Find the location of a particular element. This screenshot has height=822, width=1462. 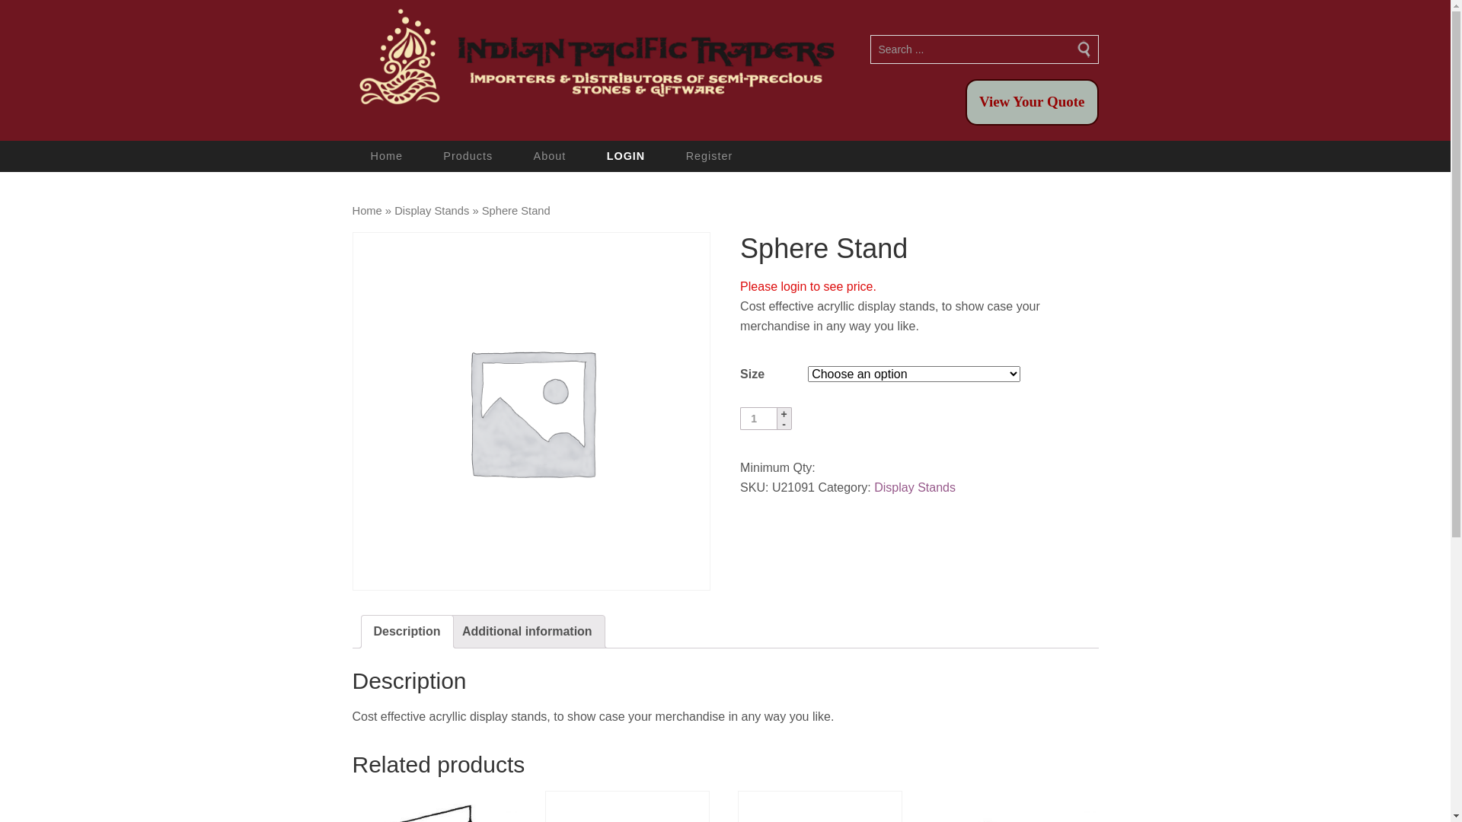

'LOGIN' is located at coordinates (626, 156).